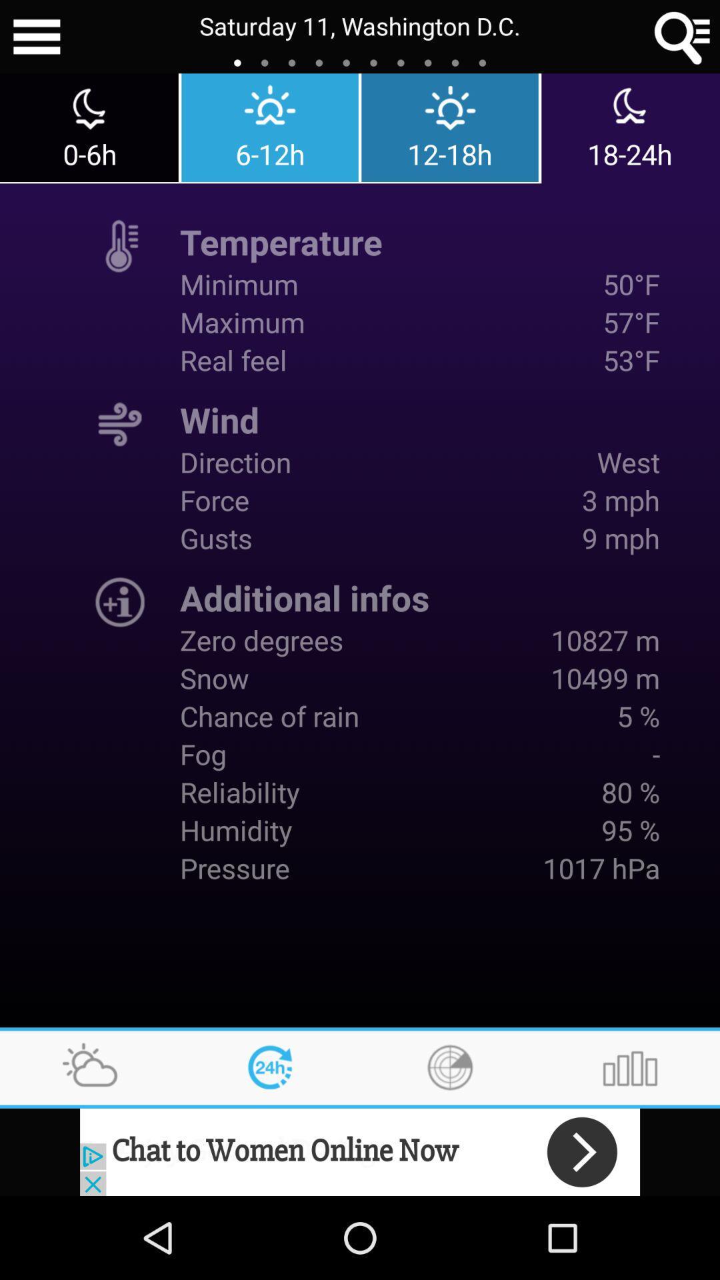  What do you see at coordinates (360, 1151) in the screenshot?
I see `advertisement` at bounding box center [360, 1151].